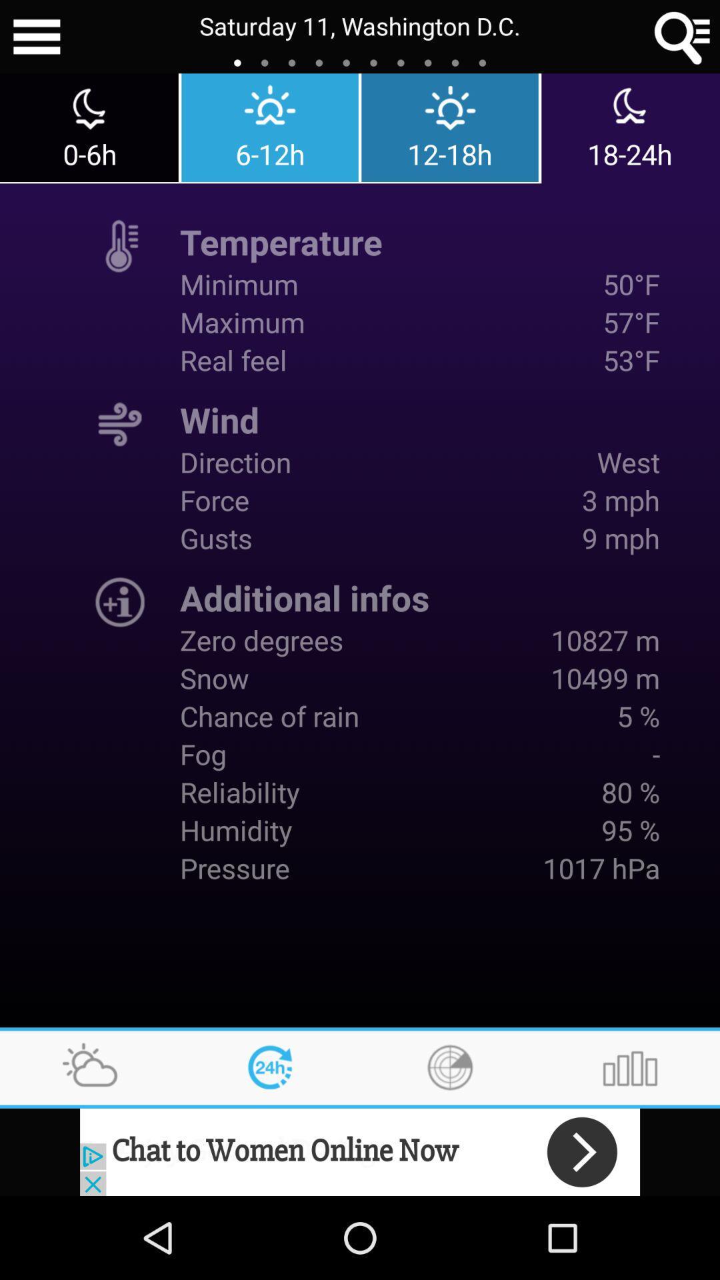  What do you see at coordinates (360, 1151) in the screenshot?
I see `advertisement` at bounding box center [360, 1151].